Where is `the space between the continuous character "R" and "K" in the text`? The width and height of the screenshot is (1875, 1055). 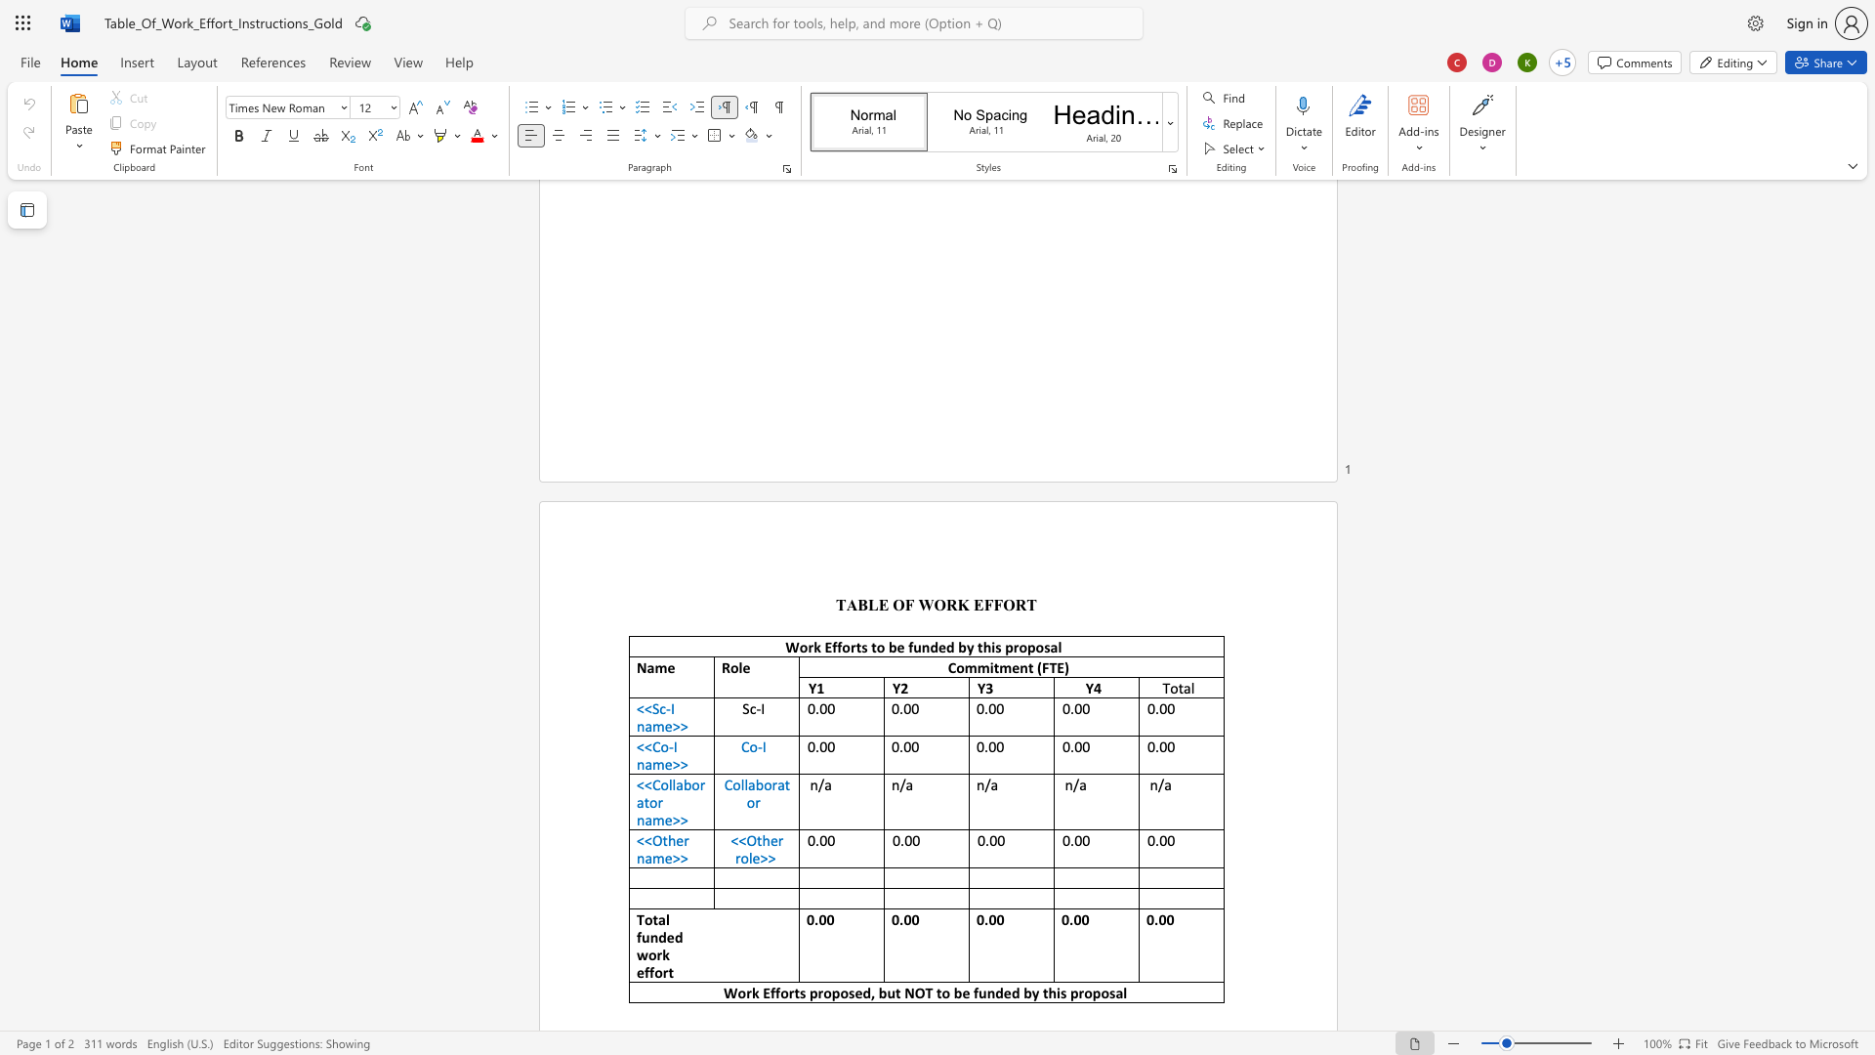
the space between the continuous character "R" and "K" in the text is located at coordinates (957, 604).